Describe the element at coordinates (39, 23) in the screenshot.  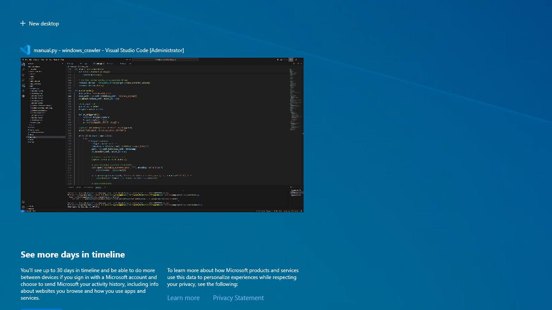
I see `'New desktop'` at that location.